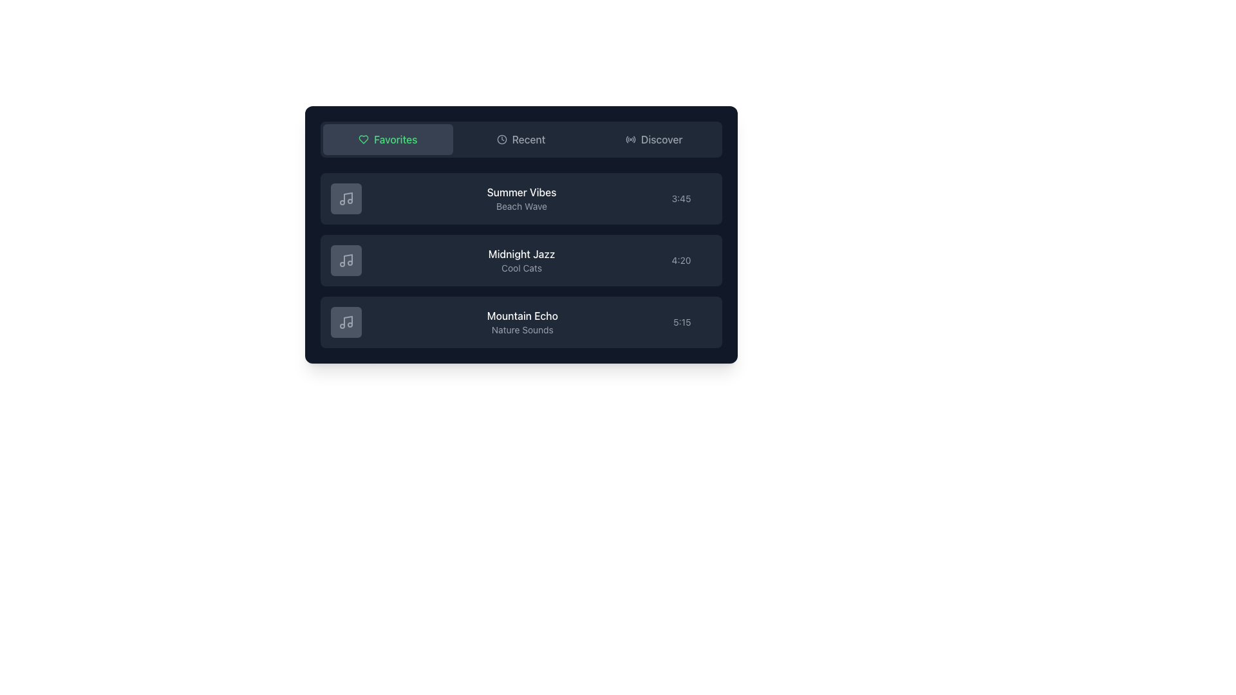 Image resolution: width=1236 pixels, height=695 pixels. What do you see at coordinates (529, 139) in the screenshot?
I see `the 'Recent' items label in the navigation bar, located between 'Favorites' and 'Discover'` at bounding box center [529, 139].